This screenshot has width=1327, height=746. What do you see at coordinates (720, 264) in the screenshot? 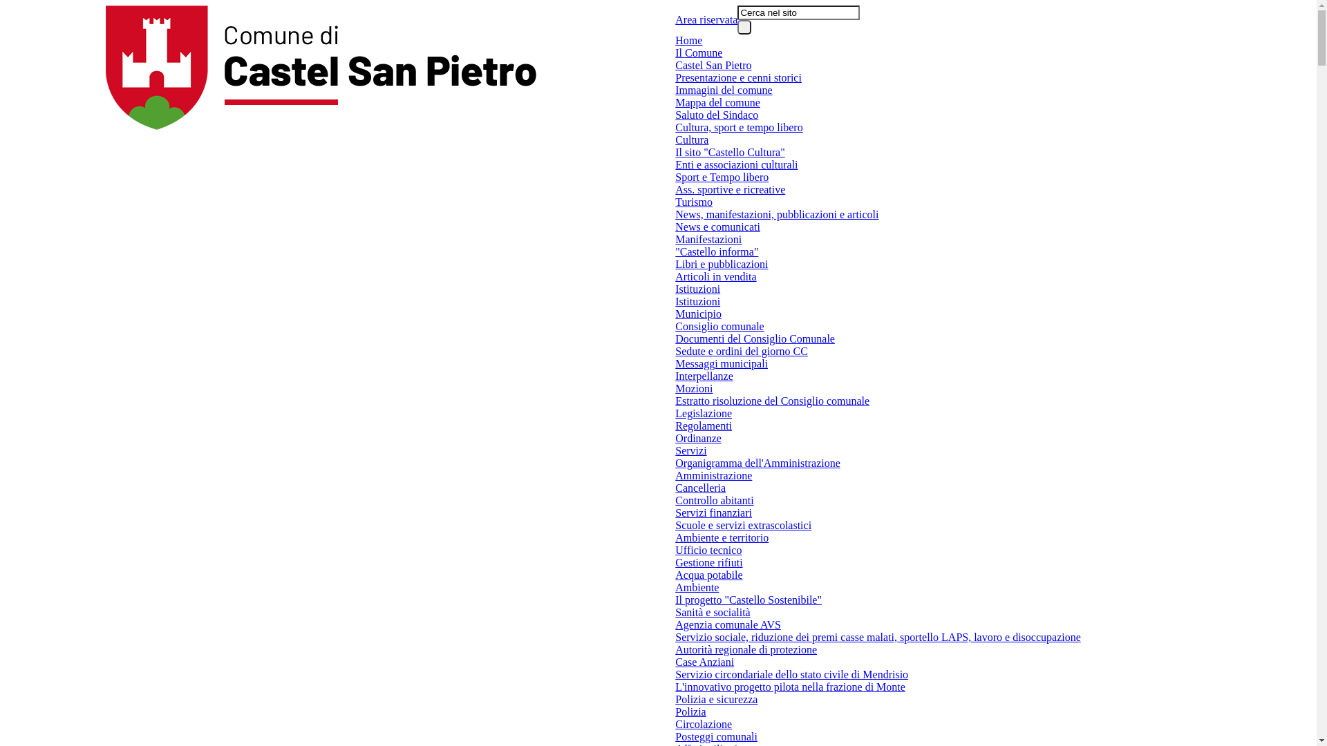
I see `'Libri e pubblicazioni'` at bounding box center [720, 264].